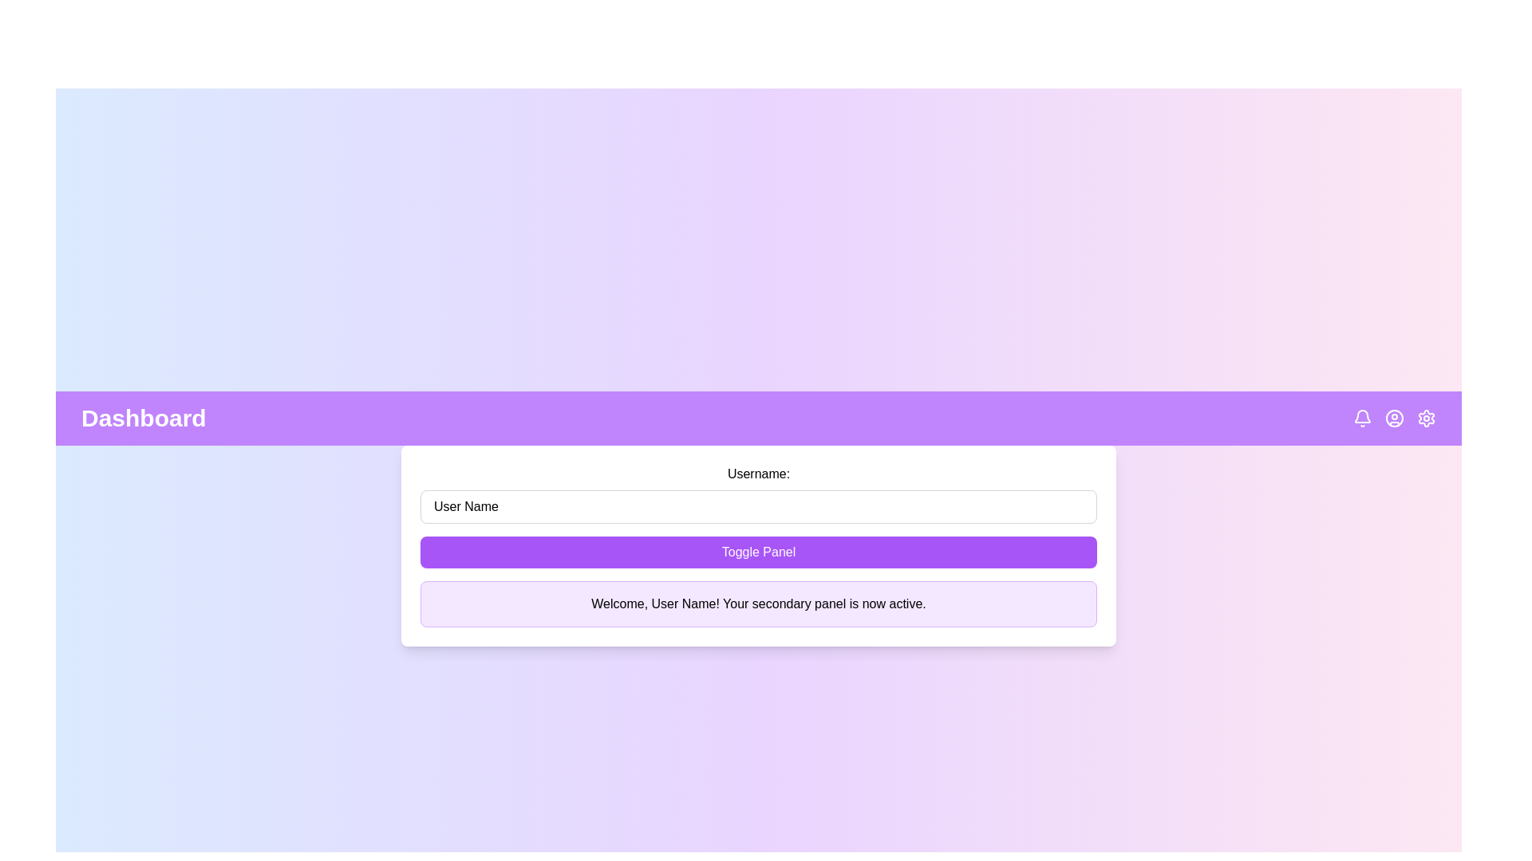 The width and height of the screenshot is (1532, 861). What do you see at coordinates (1427, 417) in the screenshot?
I see `the gear-shaped icon located at the top-right corner of the interface` at bounding box center [1427, 417].